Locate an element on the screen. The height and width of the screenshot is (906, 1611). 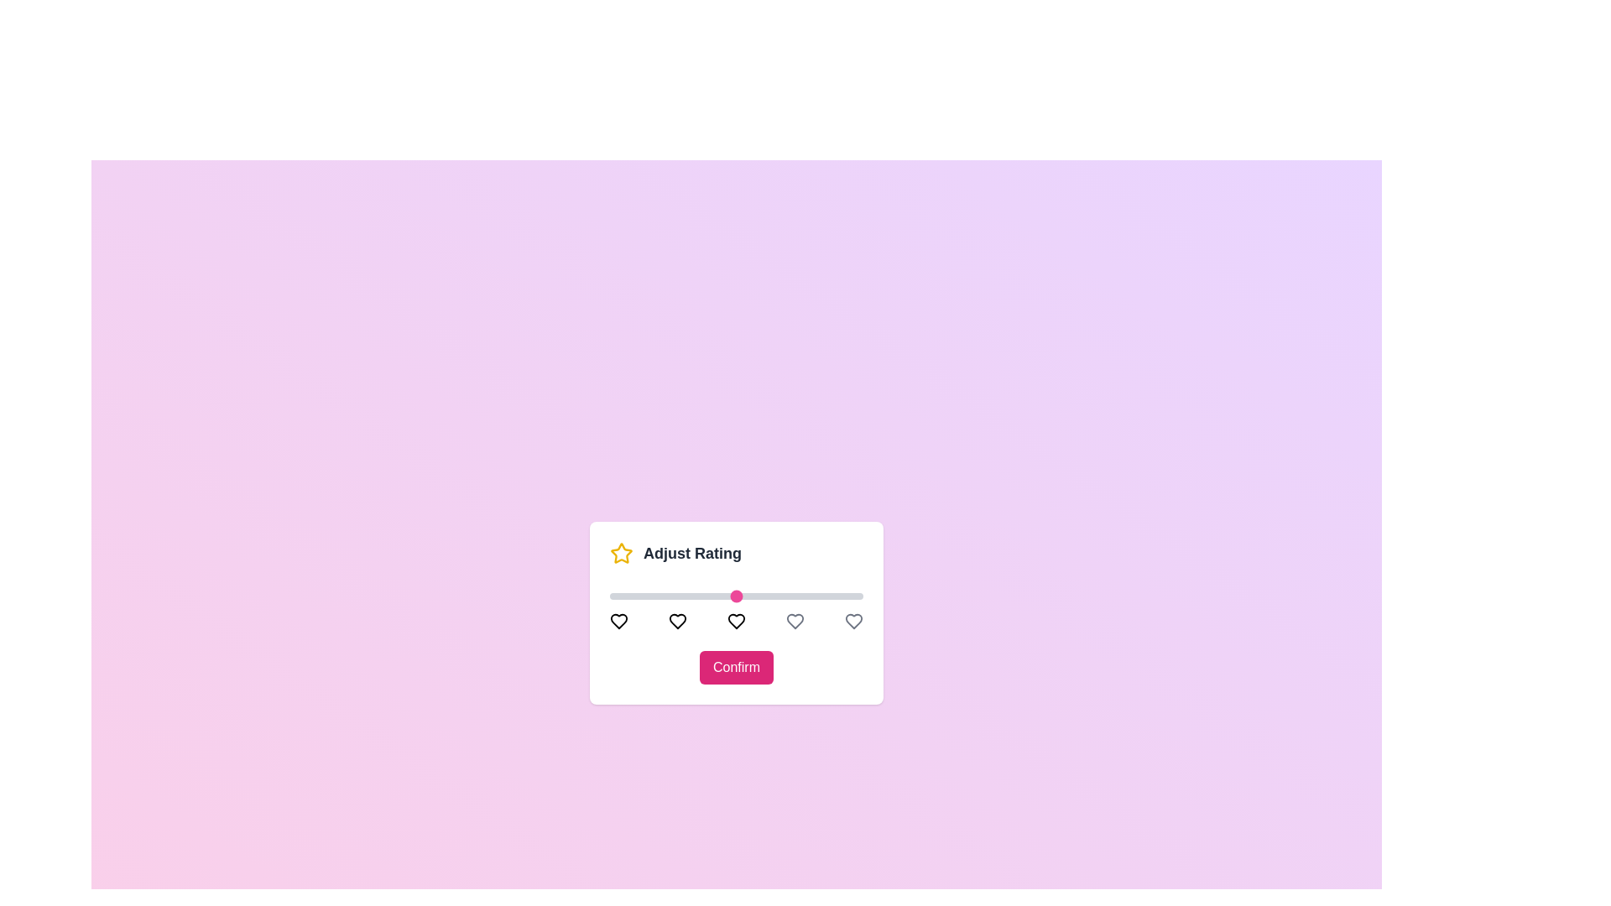
the slider to set the rating to 2 is located at coordinates (673, 595).